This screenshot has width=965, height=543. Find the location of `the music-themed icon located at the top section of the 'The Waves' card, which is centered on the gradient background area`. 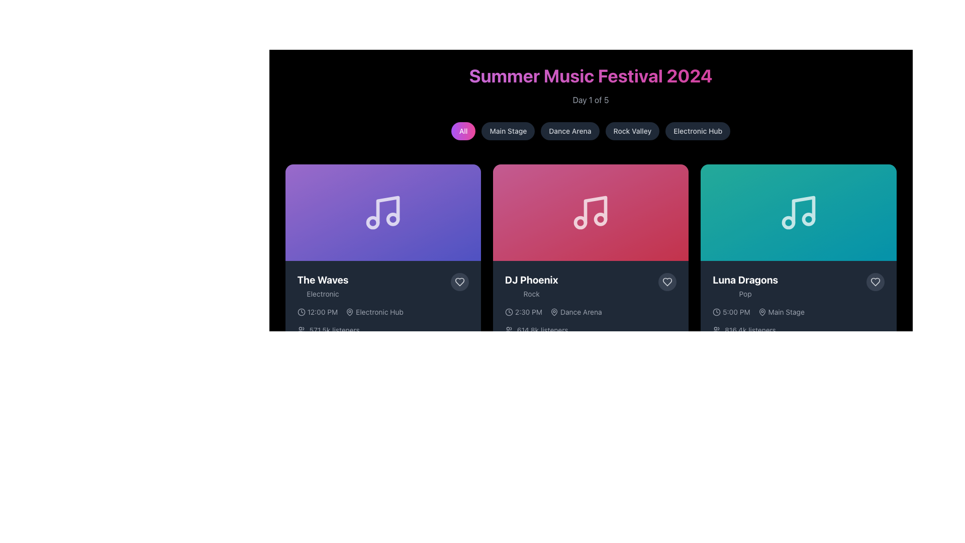

the music-themed icon located at the top section of the 'The Waves' card, which is centered on the gradient background area is located at coordinates (382, 212).